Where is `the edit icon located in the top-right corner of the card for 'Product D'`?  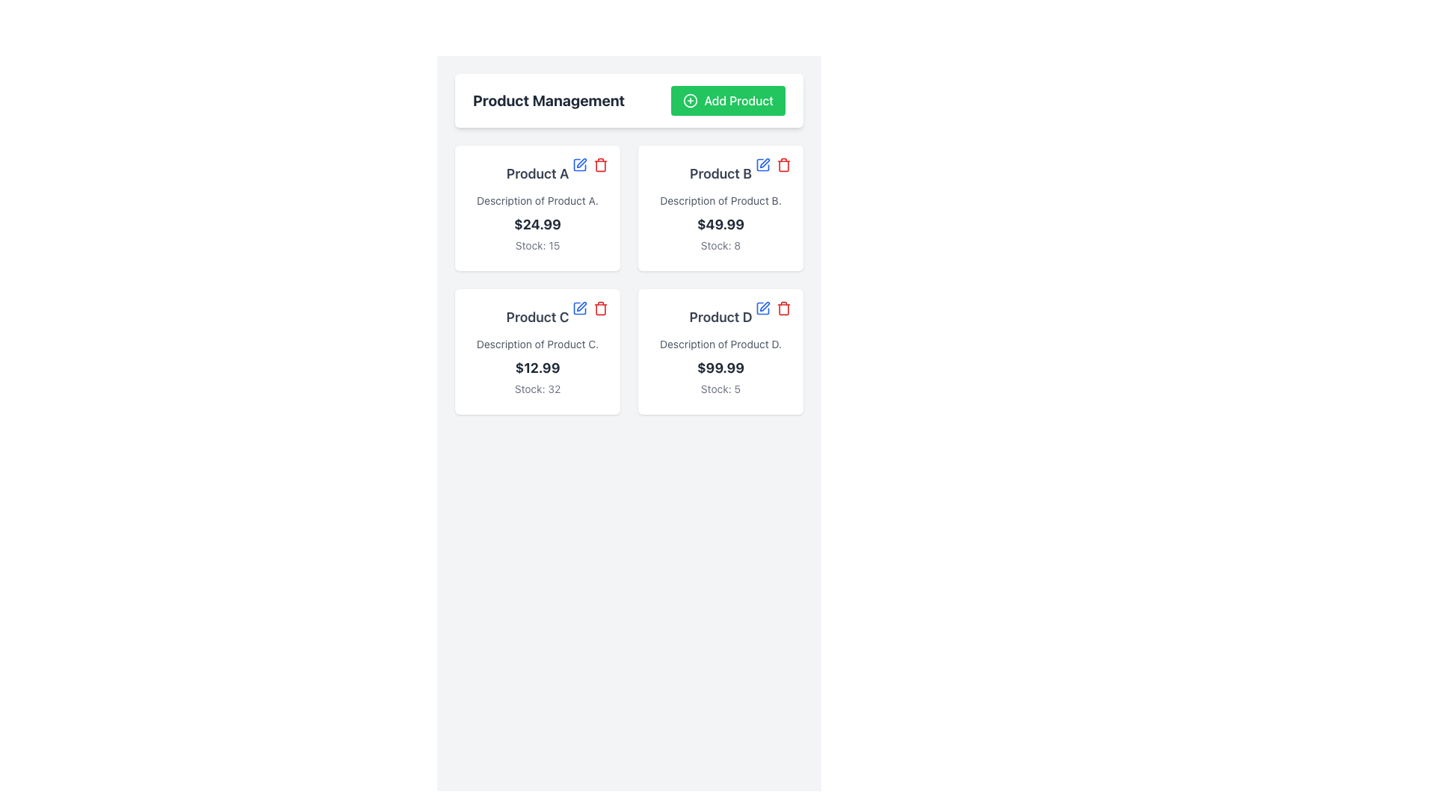 the edit icon located in the top-right corner of the card for 'Product D' is located at coordinates (763, 307).